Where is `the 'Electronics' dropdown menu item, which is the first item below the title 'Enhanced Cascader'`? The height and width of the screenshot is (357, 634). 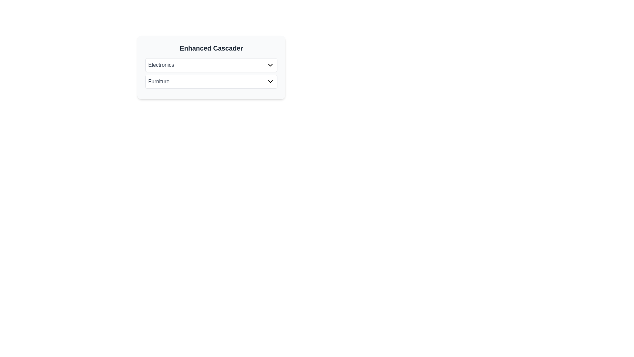 the 'Electronics' dropdown menu item, which is the first item below the title 'Enhanced Cascader' is located at coordinates (211, 65).